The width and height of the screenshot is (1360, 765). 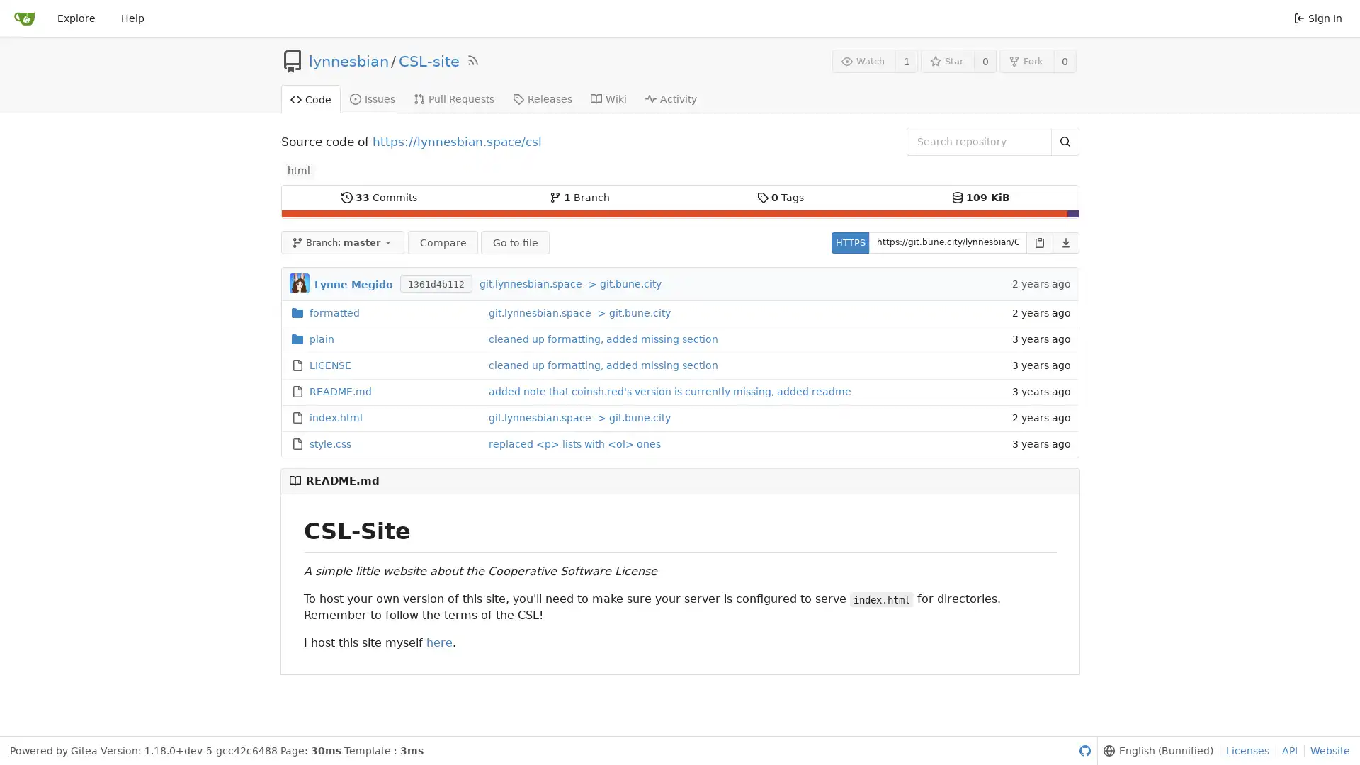 What do you see at coordinates (441, 242) in the screenshot?
I see `Compare` at bounding box center [441, 242].